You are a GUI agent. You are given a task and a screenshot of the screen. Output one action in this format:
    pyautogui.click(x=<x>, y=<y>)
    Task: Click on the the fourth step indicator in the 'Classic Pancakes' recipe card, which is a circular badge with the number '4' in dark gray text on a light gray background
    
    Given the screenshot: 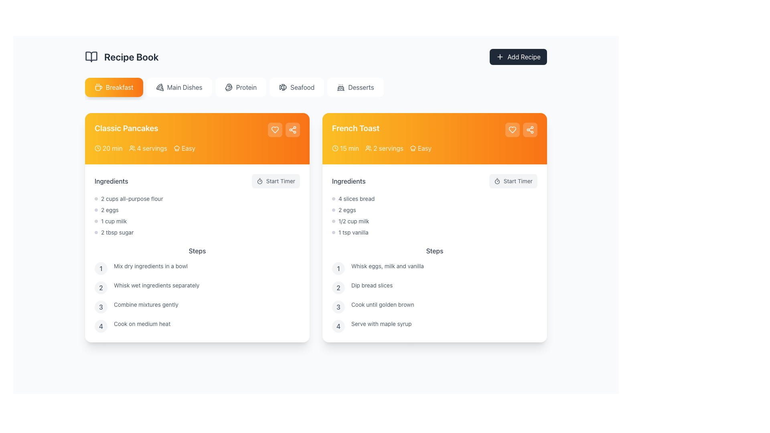 What is the action you would take?
    pyautogui.click(x=101, y=326)
    